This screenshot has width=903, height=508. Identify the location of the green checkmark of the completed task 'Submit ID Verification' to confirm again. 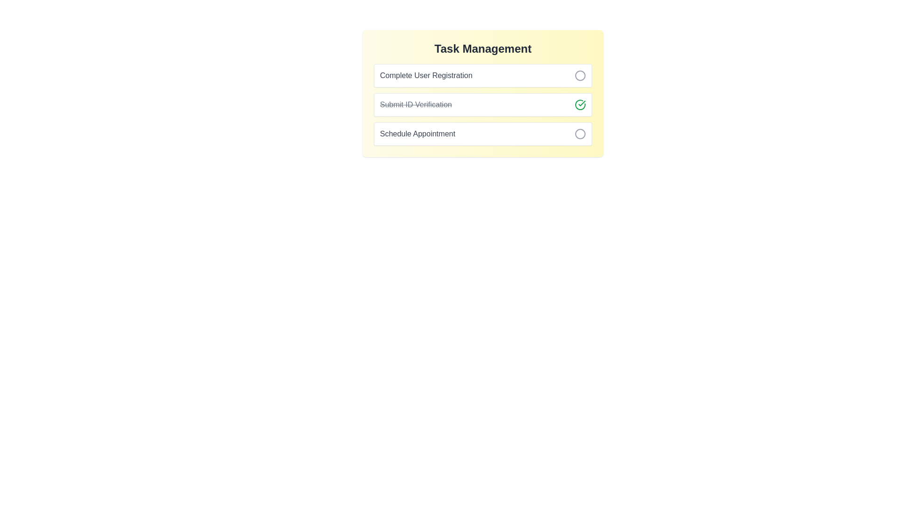
(483, 105).